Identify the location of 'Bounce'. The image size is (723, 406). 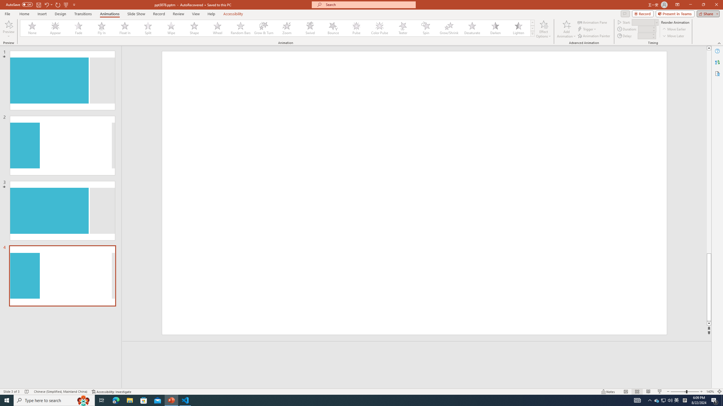
(333, 28).